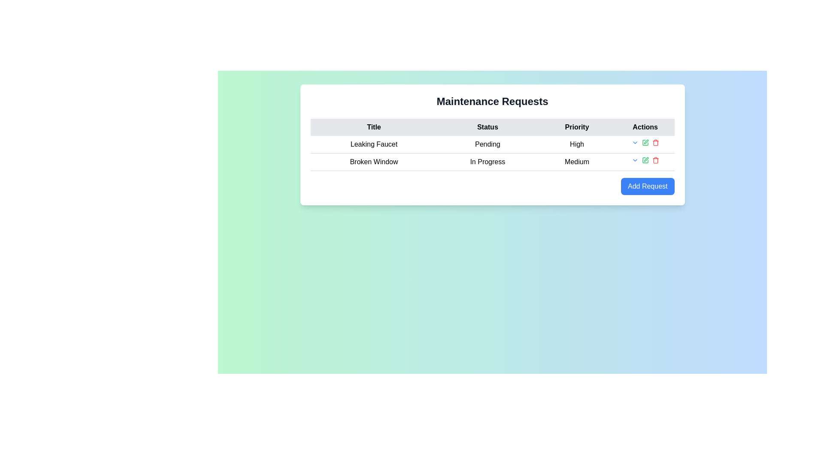 The image size is (824, 463). Describe the element at coordinates (492, 162) in the screenshot. I see `the 'Status' column of the task information table row that displays 'Broken Window', which is the second row` at that location.